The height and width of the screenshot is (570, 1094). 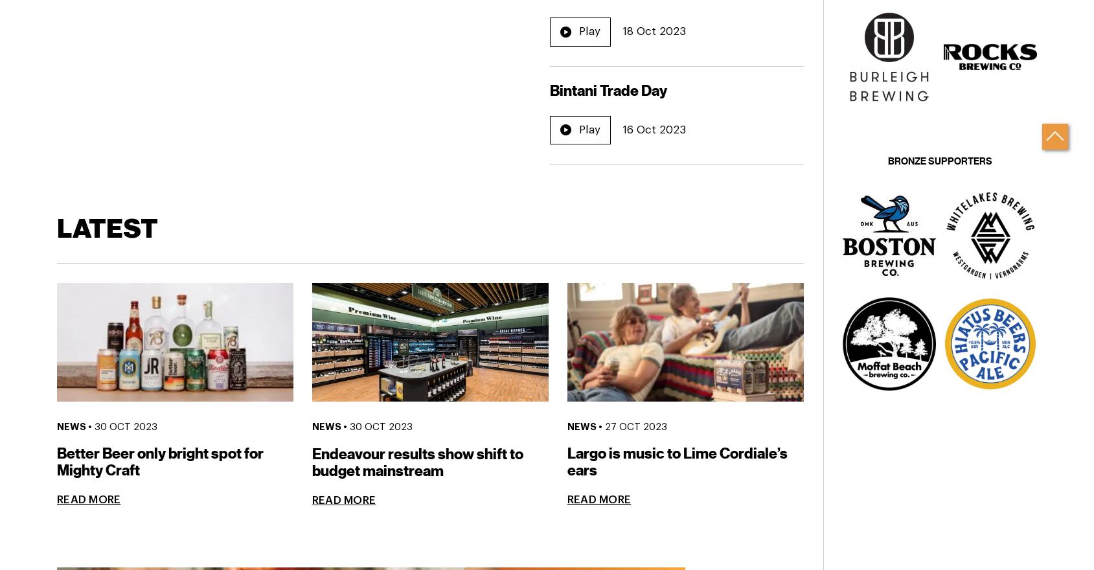 I want to click on 'Largo is music to Lime Cordiale’s ears', so click(x=676, y=462).